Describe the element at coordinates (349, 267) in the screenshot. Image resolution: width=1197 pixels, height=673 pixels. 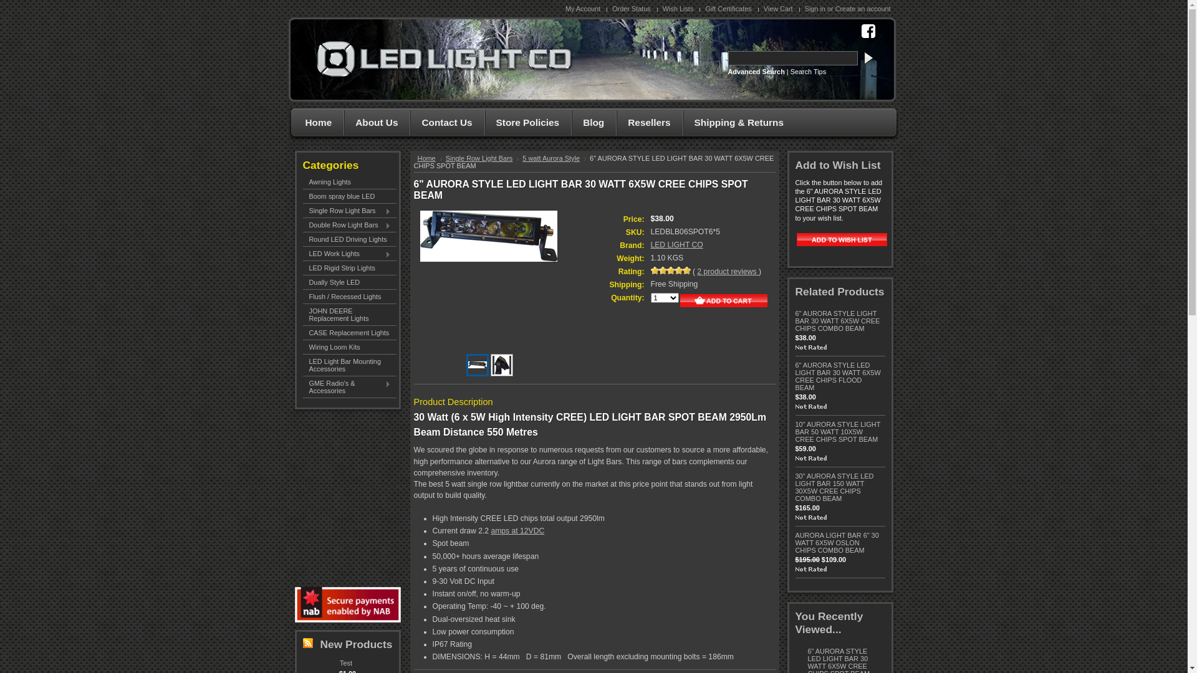
I see `'LED Rigid Strip Lights'` at that location.